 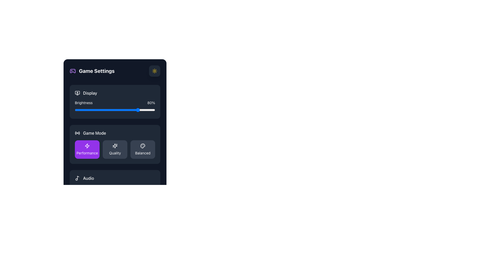 I want to click on brightness level, so click(x=128, y=110).